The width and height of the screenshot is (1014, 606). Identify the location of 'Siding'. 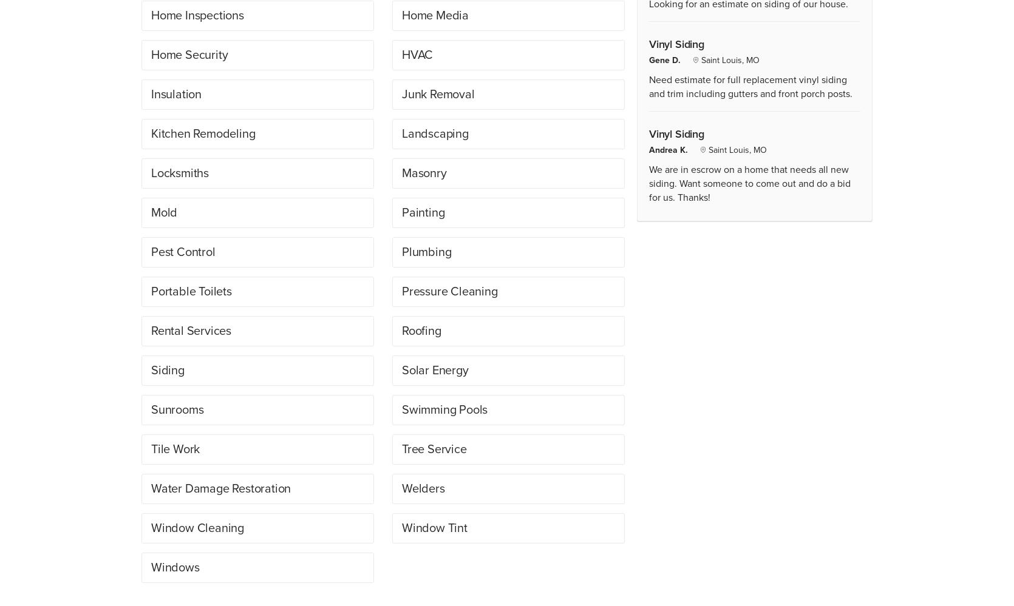
(151, 369).